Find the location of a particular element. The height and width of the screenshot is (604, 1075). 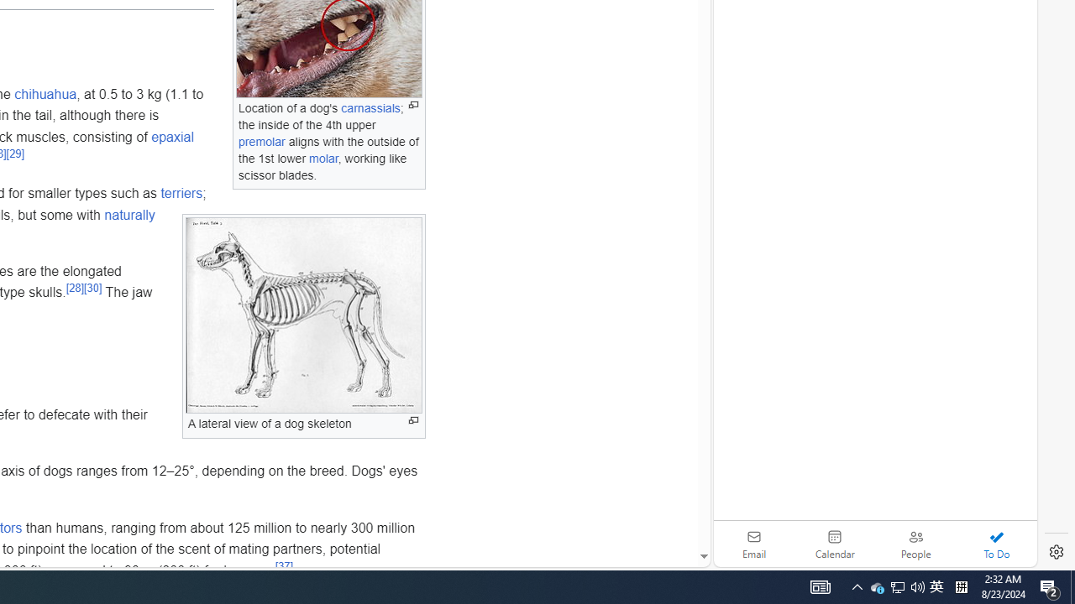

'[29]' is located at coordinates (14, 154).